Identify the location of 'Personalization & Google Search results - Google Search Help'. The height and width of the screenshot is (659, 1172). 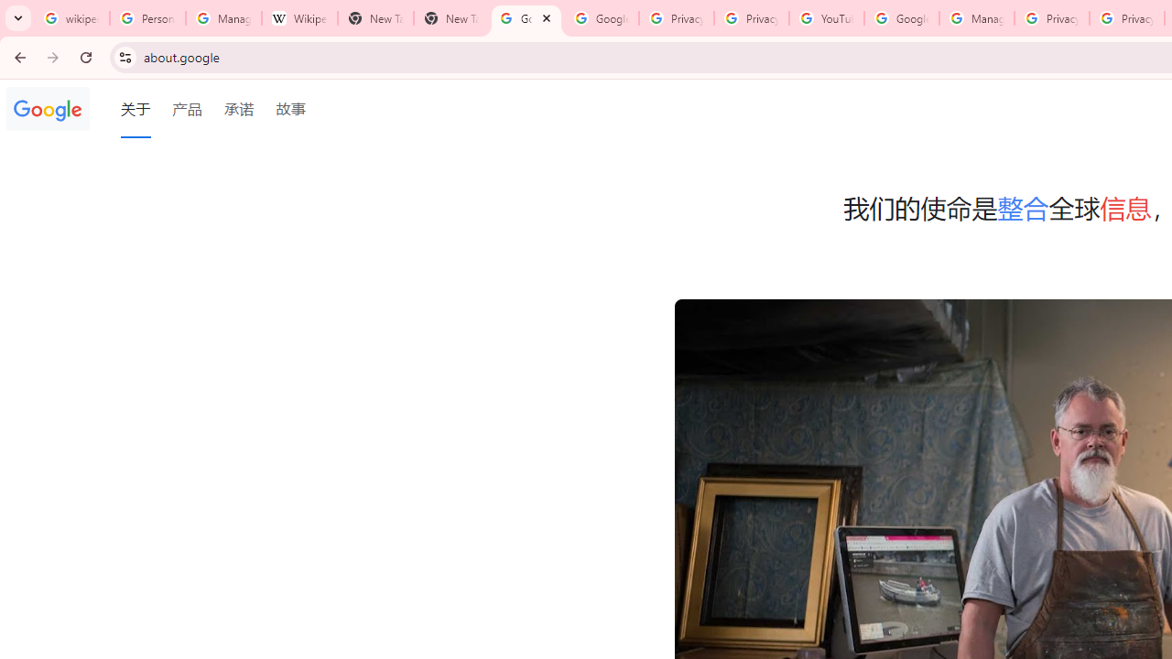
(147, 18).